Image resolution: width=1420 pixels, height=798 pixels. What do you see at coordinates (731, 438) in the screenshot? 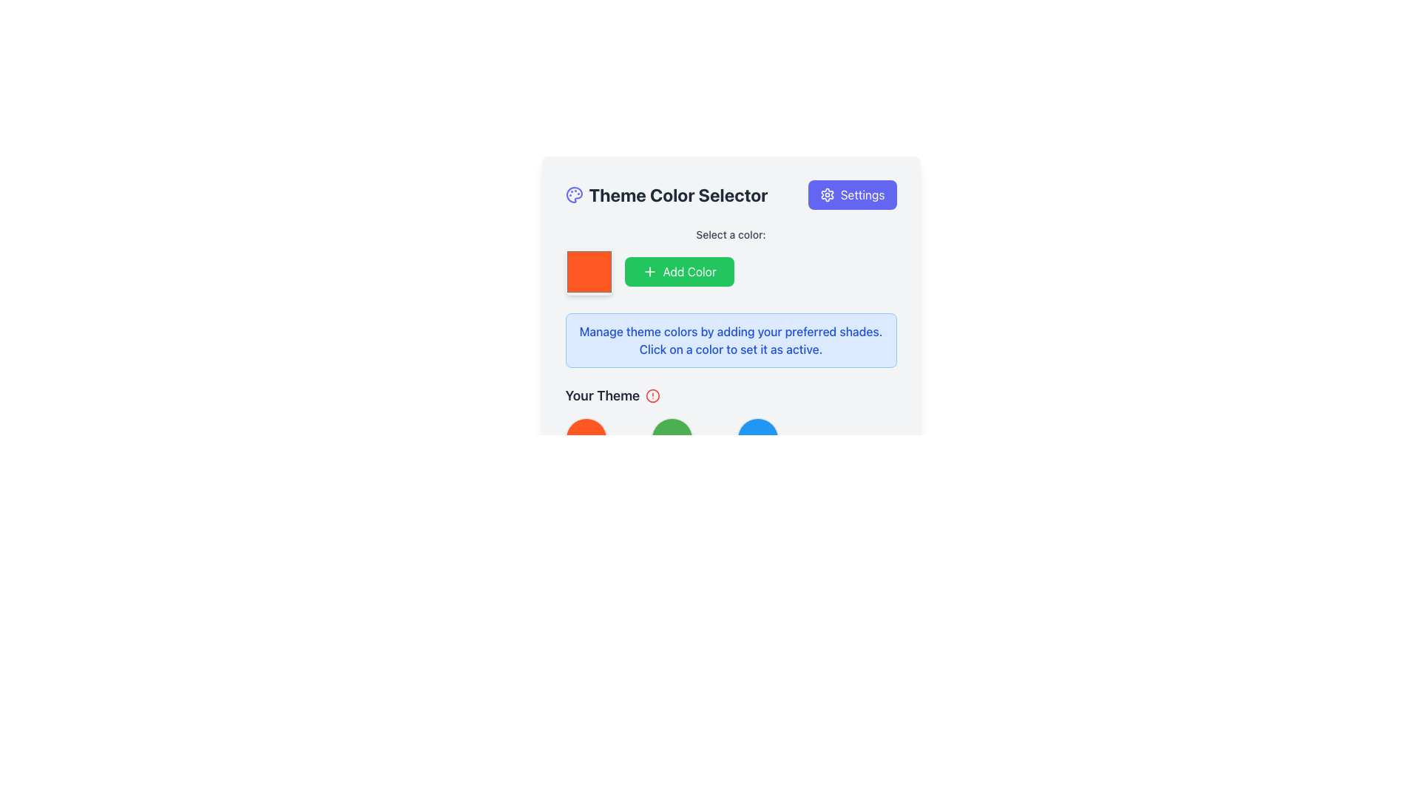
I see `the circular button in the grid layout of selectable buttons` at bounding box center [731, 438].